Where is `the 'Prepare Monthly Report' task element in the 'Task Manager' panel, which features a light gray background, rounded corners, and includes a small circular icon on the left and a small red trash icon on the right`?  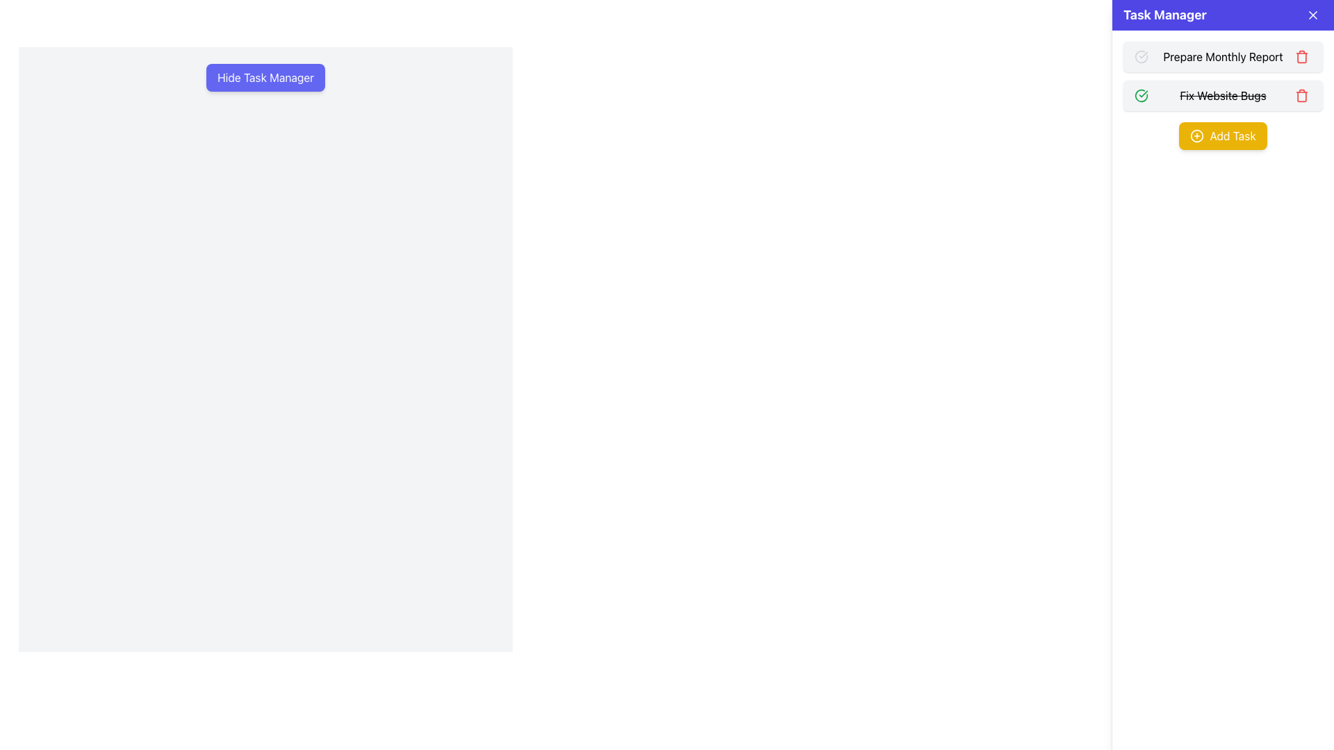
the 'Prepare Monthly Report' task element in the 'Task Manager' panel, which features a light gray background, rounded corners, and includes a small circular icon on the left and a small red trash icon on the right is located at coordinates (1223, 56).